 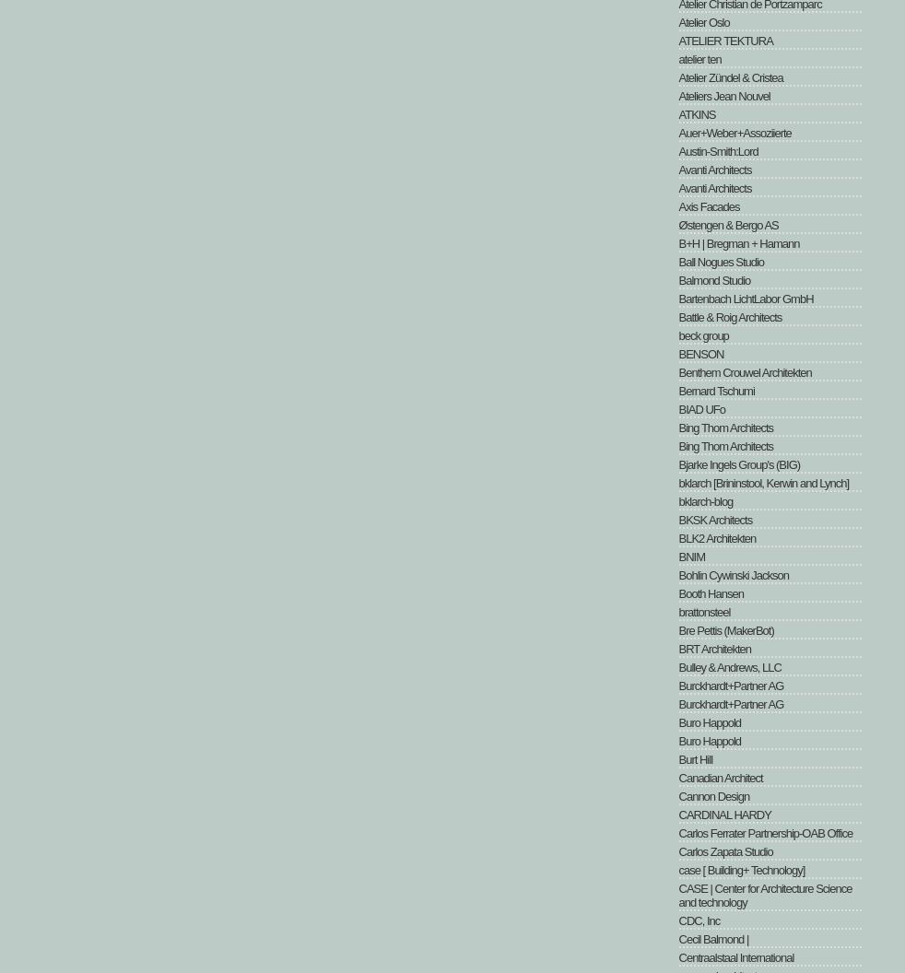 What do you see at coordinates (763, 482) in the screenshot?
I see `'bklarch [Brininstool, Kerwin and Lynch]'` at bounding box center [763, 482].